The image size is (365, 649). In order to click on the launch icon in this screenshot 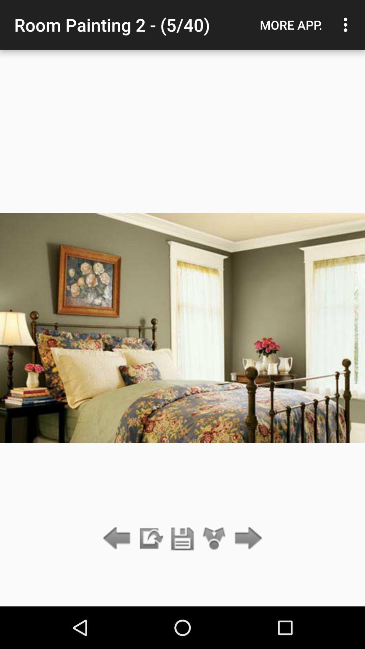, I will do `click(150, 538)`.